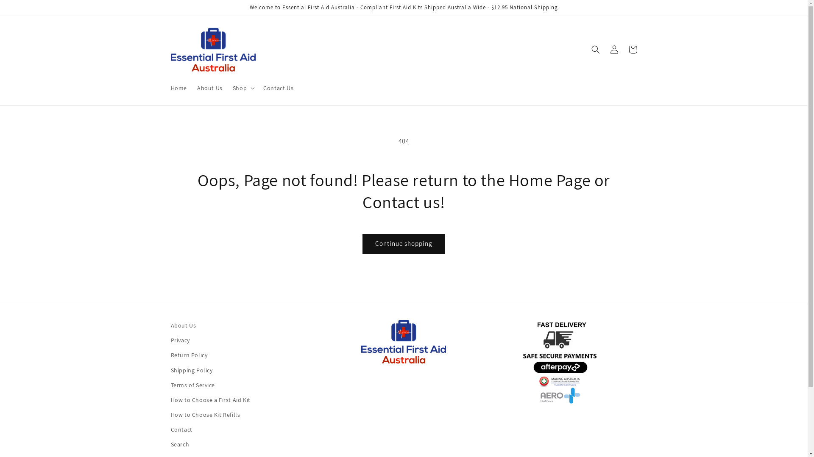  Describe the element at coordinates (209, 88) in the screenshot. I see `'About Us'` at that location.